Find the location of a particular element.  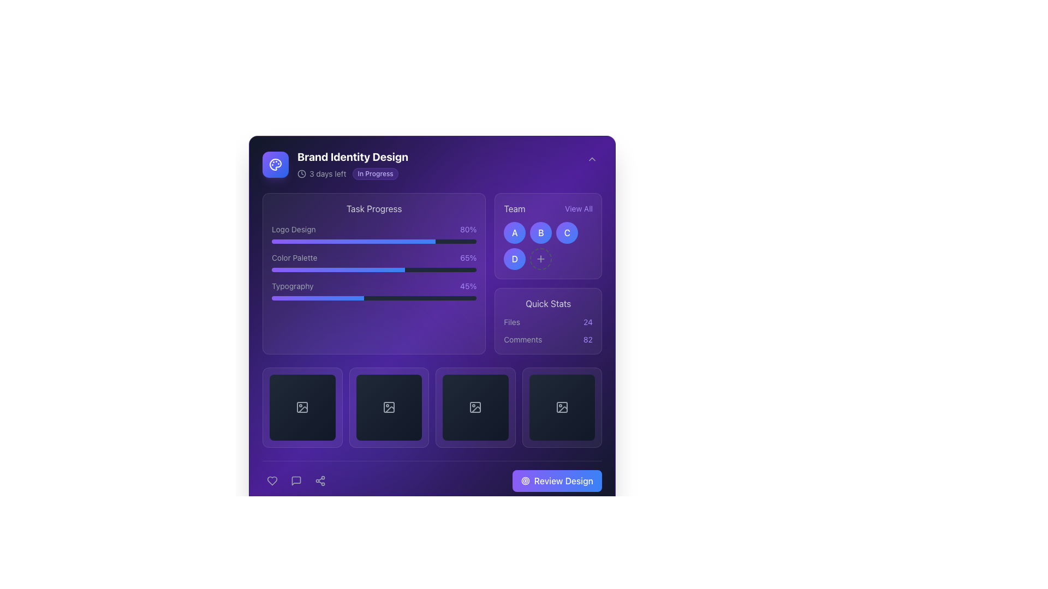

the second circular badge with a gradient background transitioning from violet to blue, which contains a bold, white letter 'B', located under the 'Team' label is located at coordinates (541, 232).